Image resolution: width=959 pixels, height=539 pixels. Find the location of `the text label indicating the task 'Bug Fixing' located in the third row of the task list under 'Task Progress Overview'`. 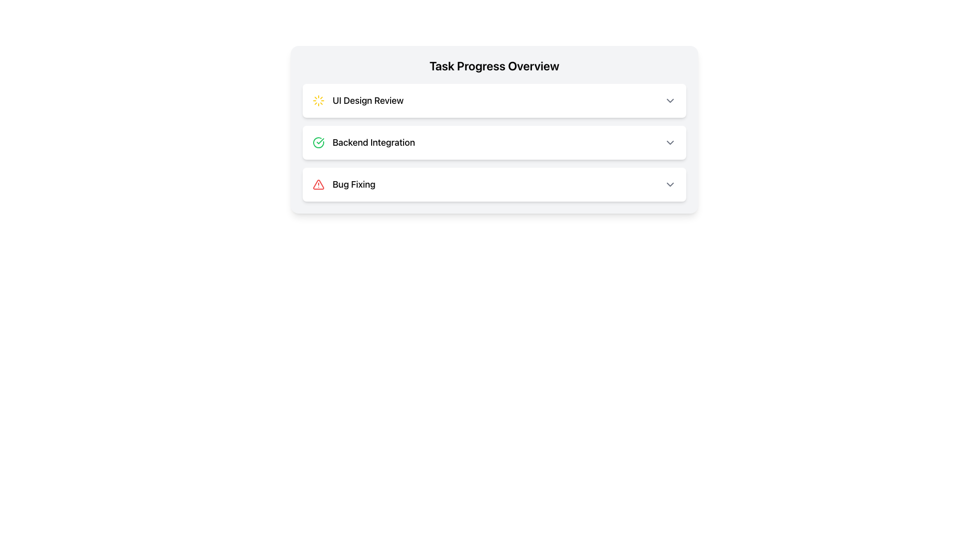

the text label indicating the task 'Bug Fixing' located in the third row of the task list under 'Task Progress Overview' is located at coordinates (354, 185).